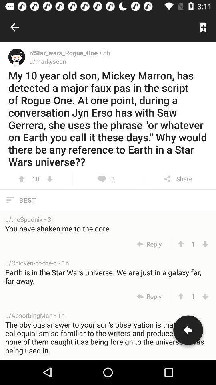 The width and height of the screenshot is (216, 385). What do you see at coordinates (108, 229) in the screenshot?
I see `the you have shaken` at bounding box center [108, 229].